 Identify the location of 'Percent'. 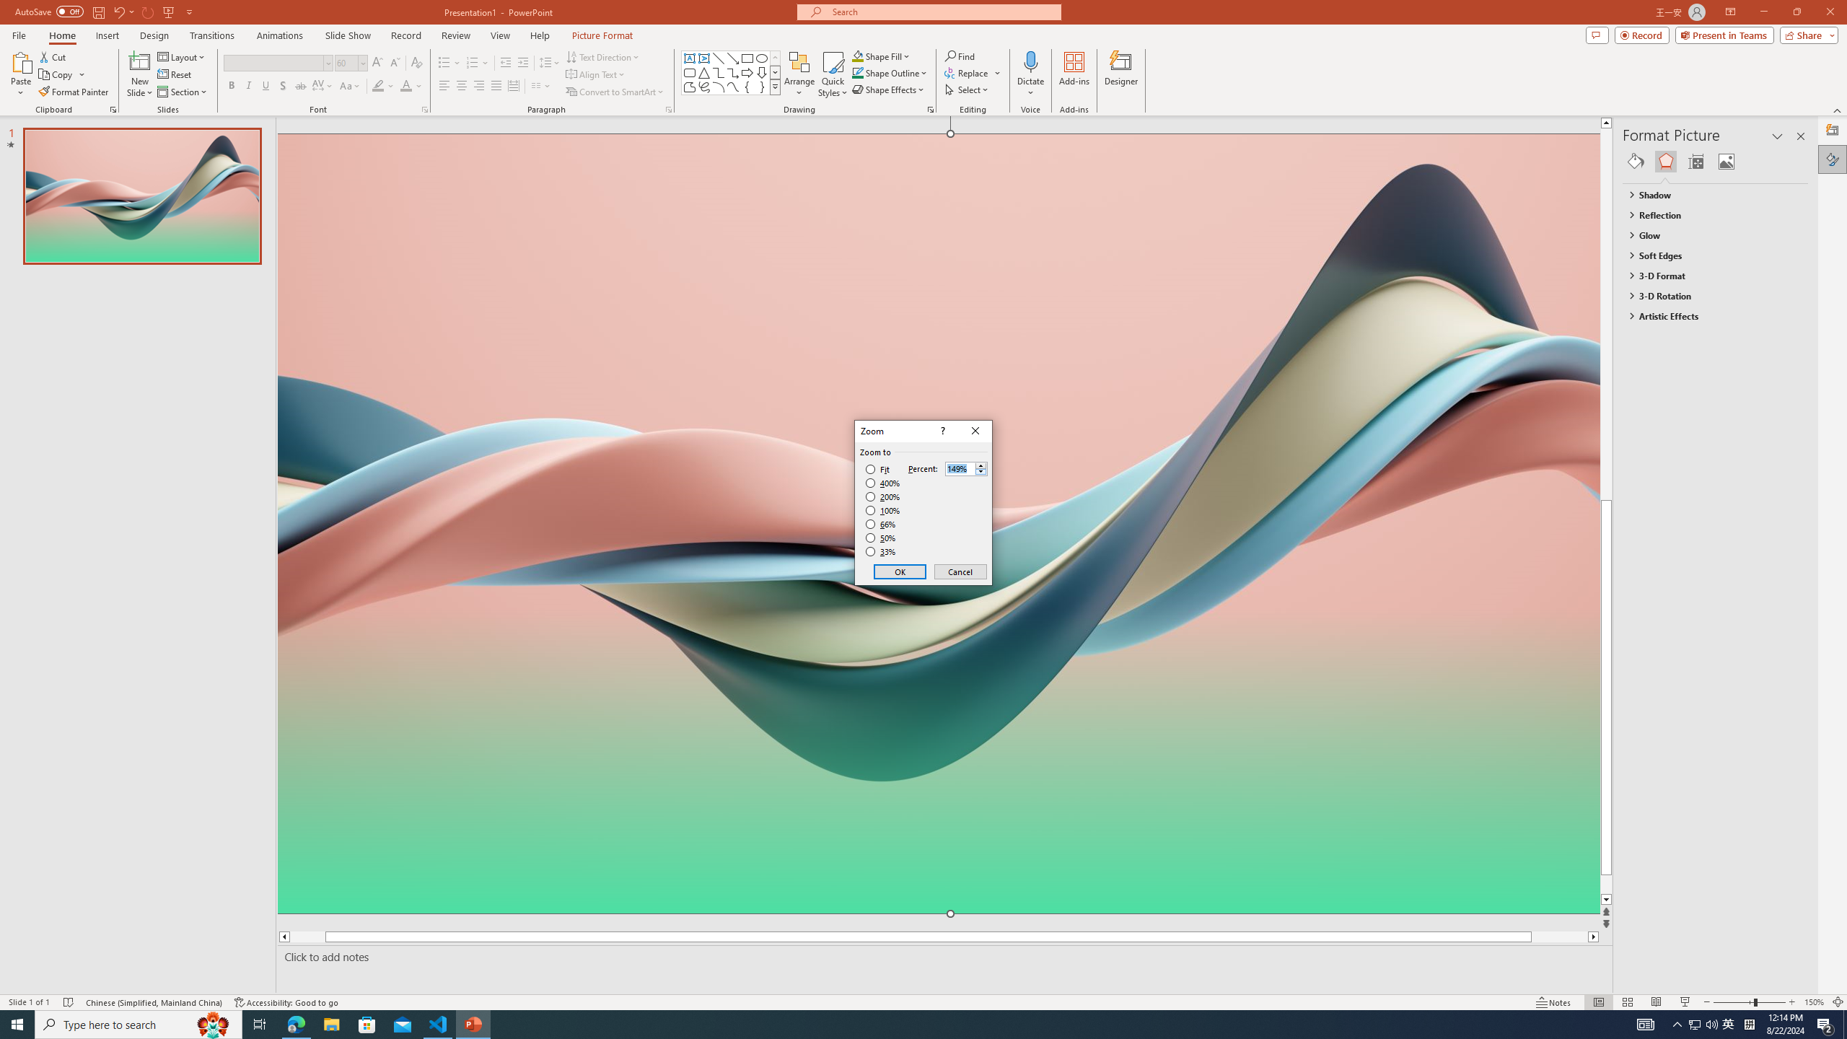
(967, 468).